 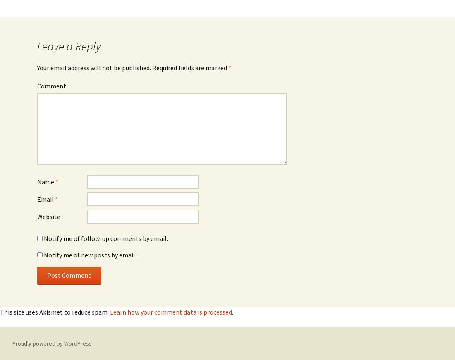 What do you see at coordinates (0, 312) in the screenshot?
I see `'This site uses Akismet to reduce spam.'` at bounding box center [0, 312].